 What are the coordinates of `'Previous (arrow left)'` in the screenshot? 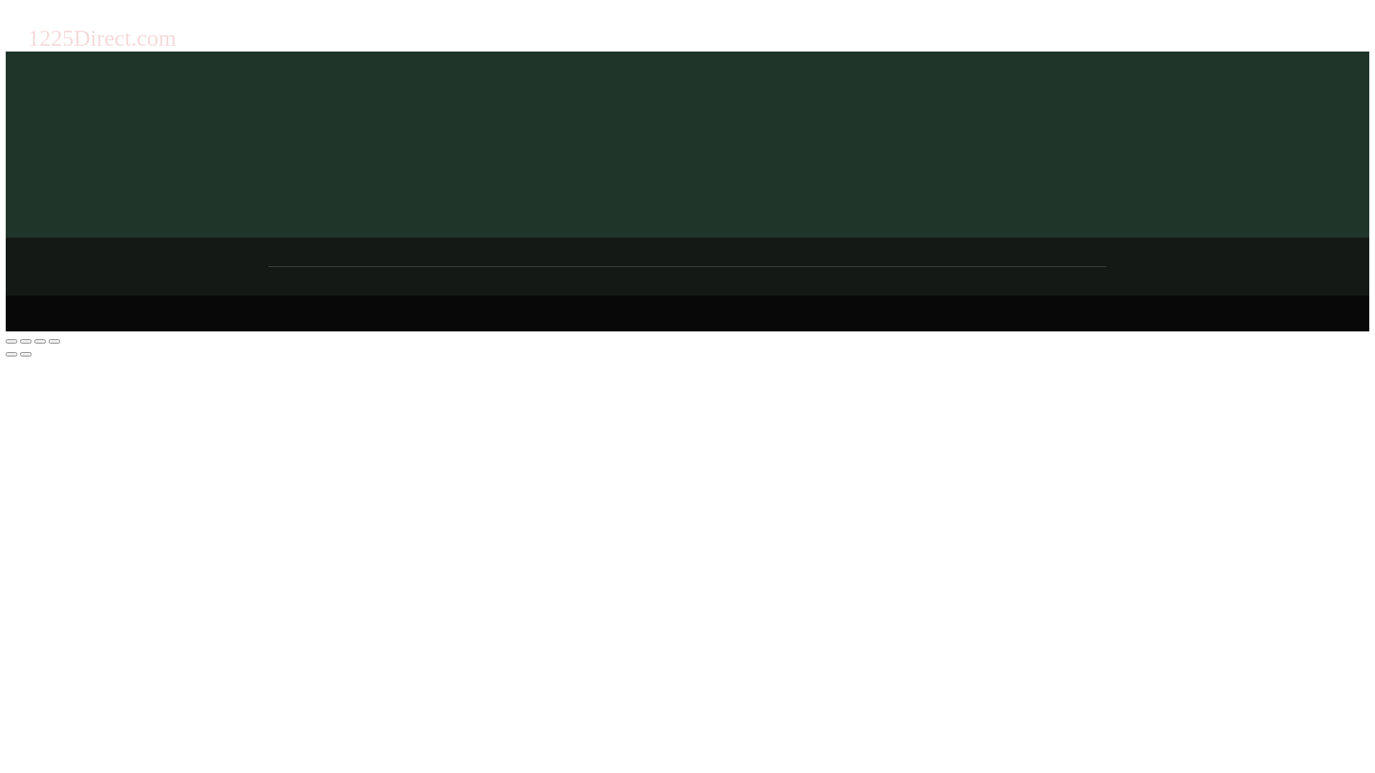 It's located at (11, 354).